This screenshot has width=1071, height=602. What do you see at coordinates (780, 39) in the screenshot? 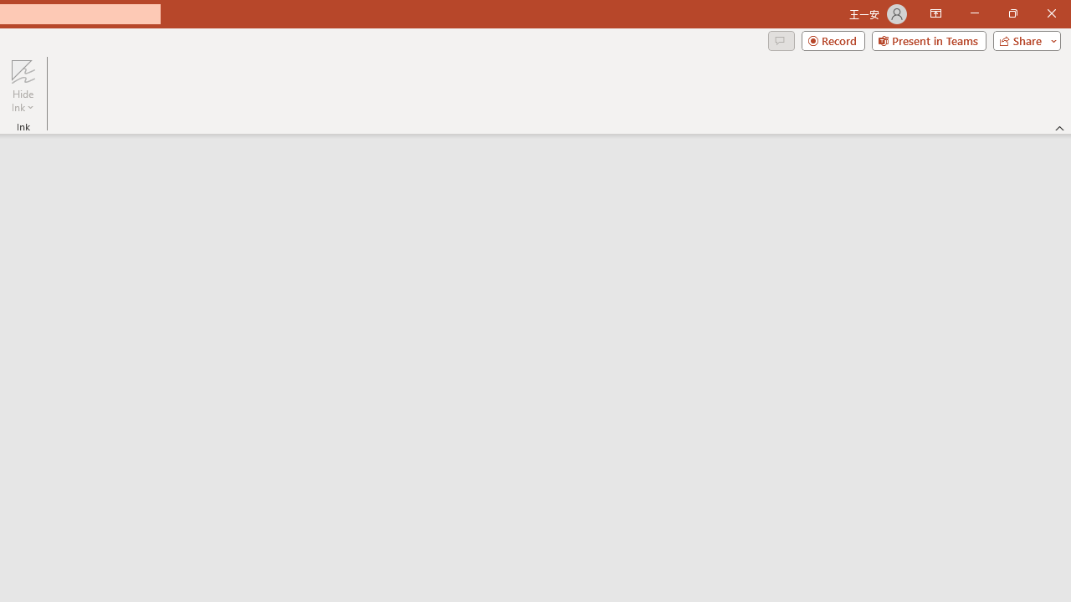
I see `'Comments'` at bounding box center [780, 39].